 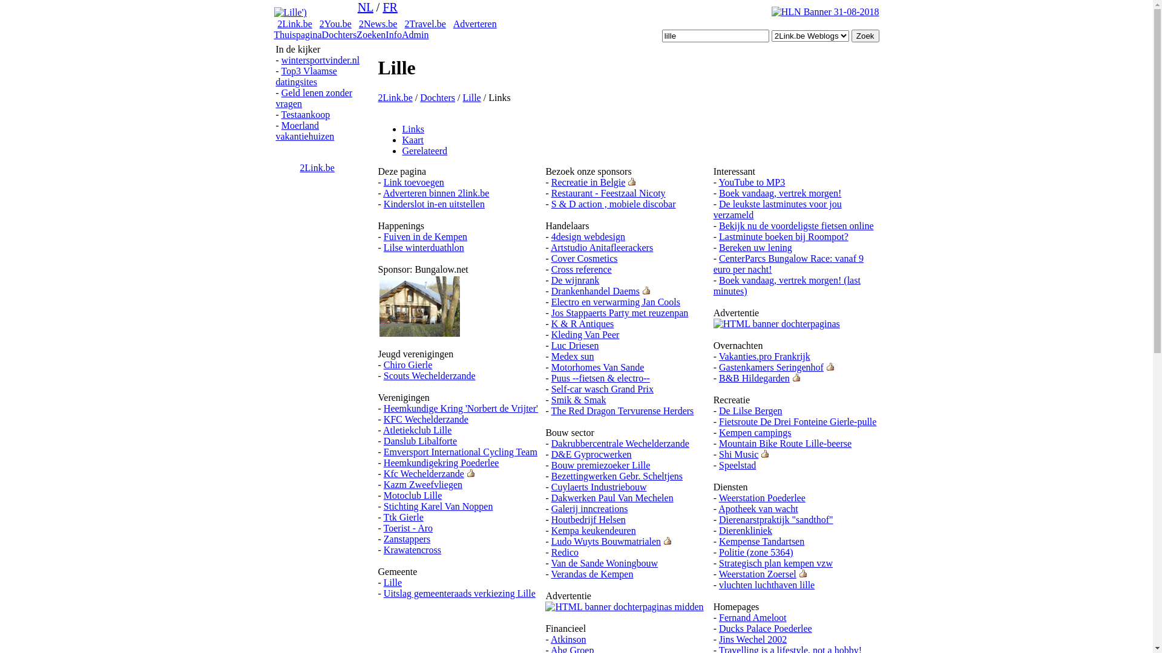 I want to click on 'Uitslag gemeenteraads verkiezing Lille', so click(x=459, y=593).